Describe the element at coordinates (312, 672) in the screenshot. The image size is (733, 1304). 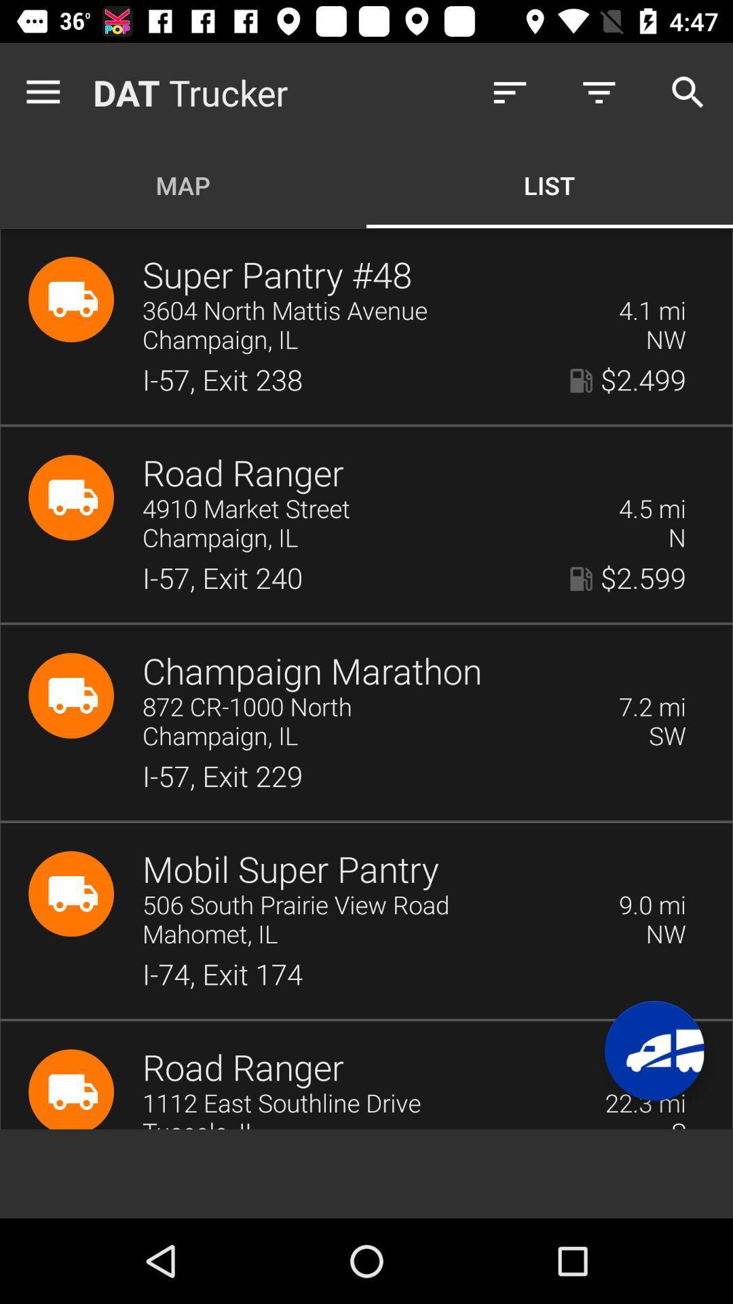
I see `item below the i 57 exit icon` at that location.